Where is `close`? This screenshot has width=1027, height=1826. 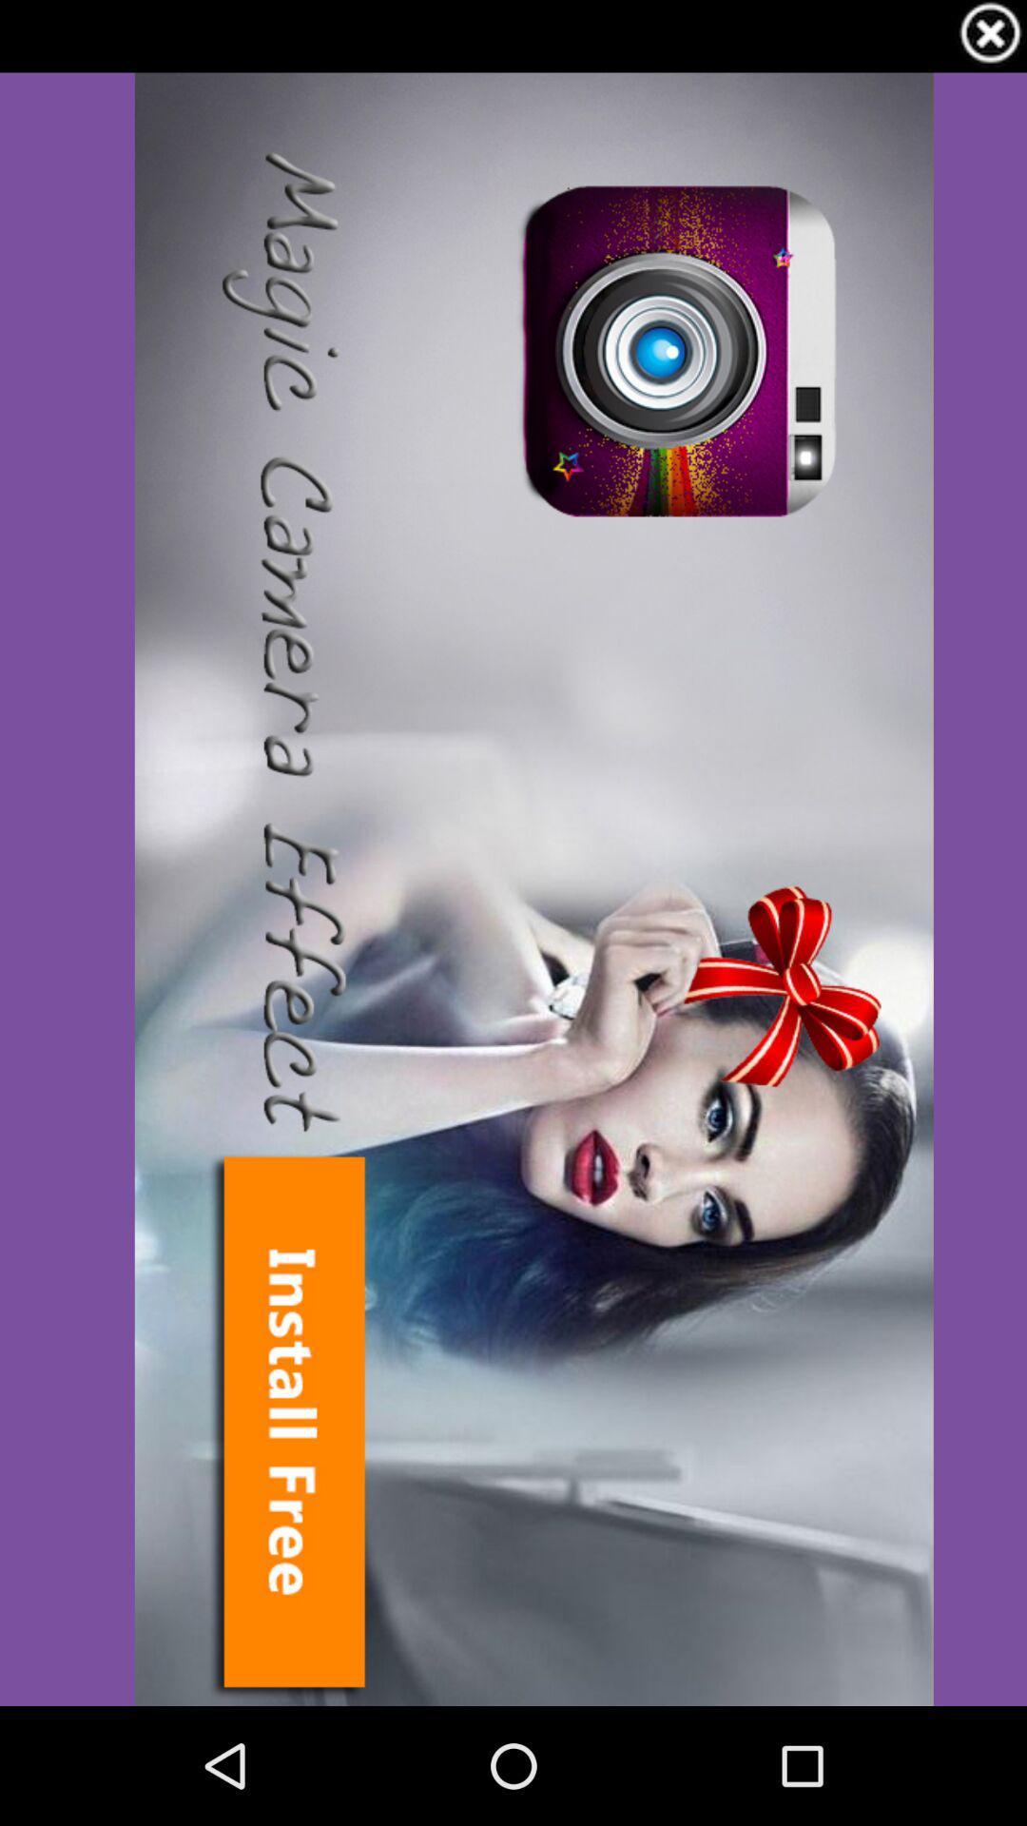 close is located at coordinates (989, 36).